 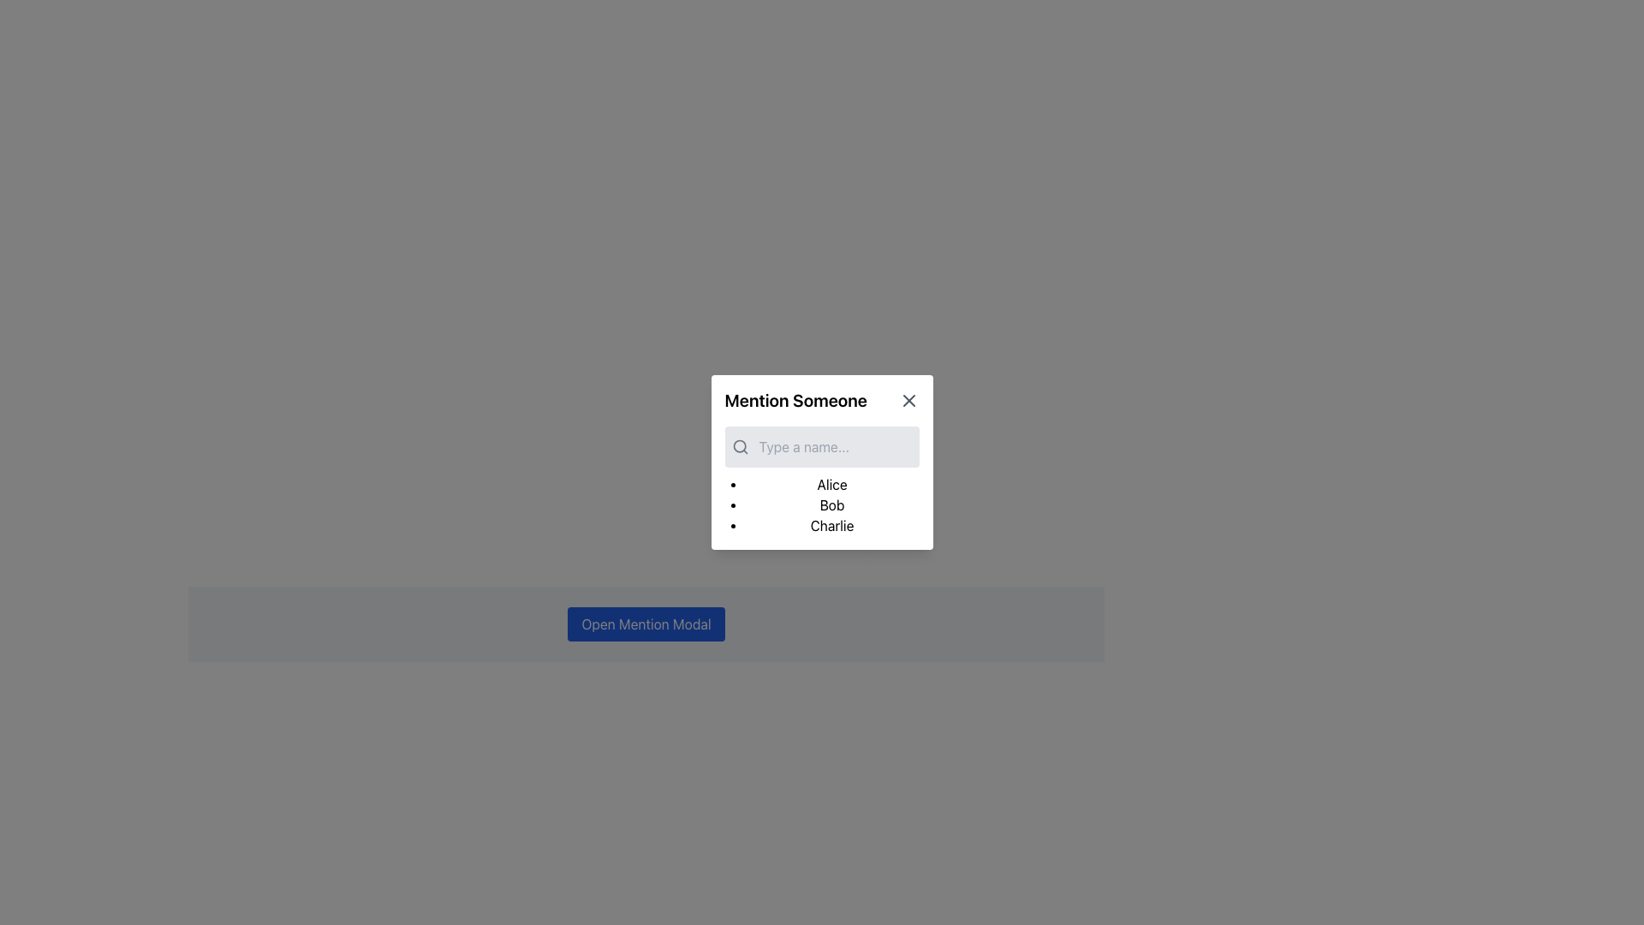 What do you see at coordinates (822, 445) in the screenshot?
I see `the text input field with the placeholder 'Type a name...' located in the 'Mention Someone' modal to focus and start typing` at bounding box center [822, 445].